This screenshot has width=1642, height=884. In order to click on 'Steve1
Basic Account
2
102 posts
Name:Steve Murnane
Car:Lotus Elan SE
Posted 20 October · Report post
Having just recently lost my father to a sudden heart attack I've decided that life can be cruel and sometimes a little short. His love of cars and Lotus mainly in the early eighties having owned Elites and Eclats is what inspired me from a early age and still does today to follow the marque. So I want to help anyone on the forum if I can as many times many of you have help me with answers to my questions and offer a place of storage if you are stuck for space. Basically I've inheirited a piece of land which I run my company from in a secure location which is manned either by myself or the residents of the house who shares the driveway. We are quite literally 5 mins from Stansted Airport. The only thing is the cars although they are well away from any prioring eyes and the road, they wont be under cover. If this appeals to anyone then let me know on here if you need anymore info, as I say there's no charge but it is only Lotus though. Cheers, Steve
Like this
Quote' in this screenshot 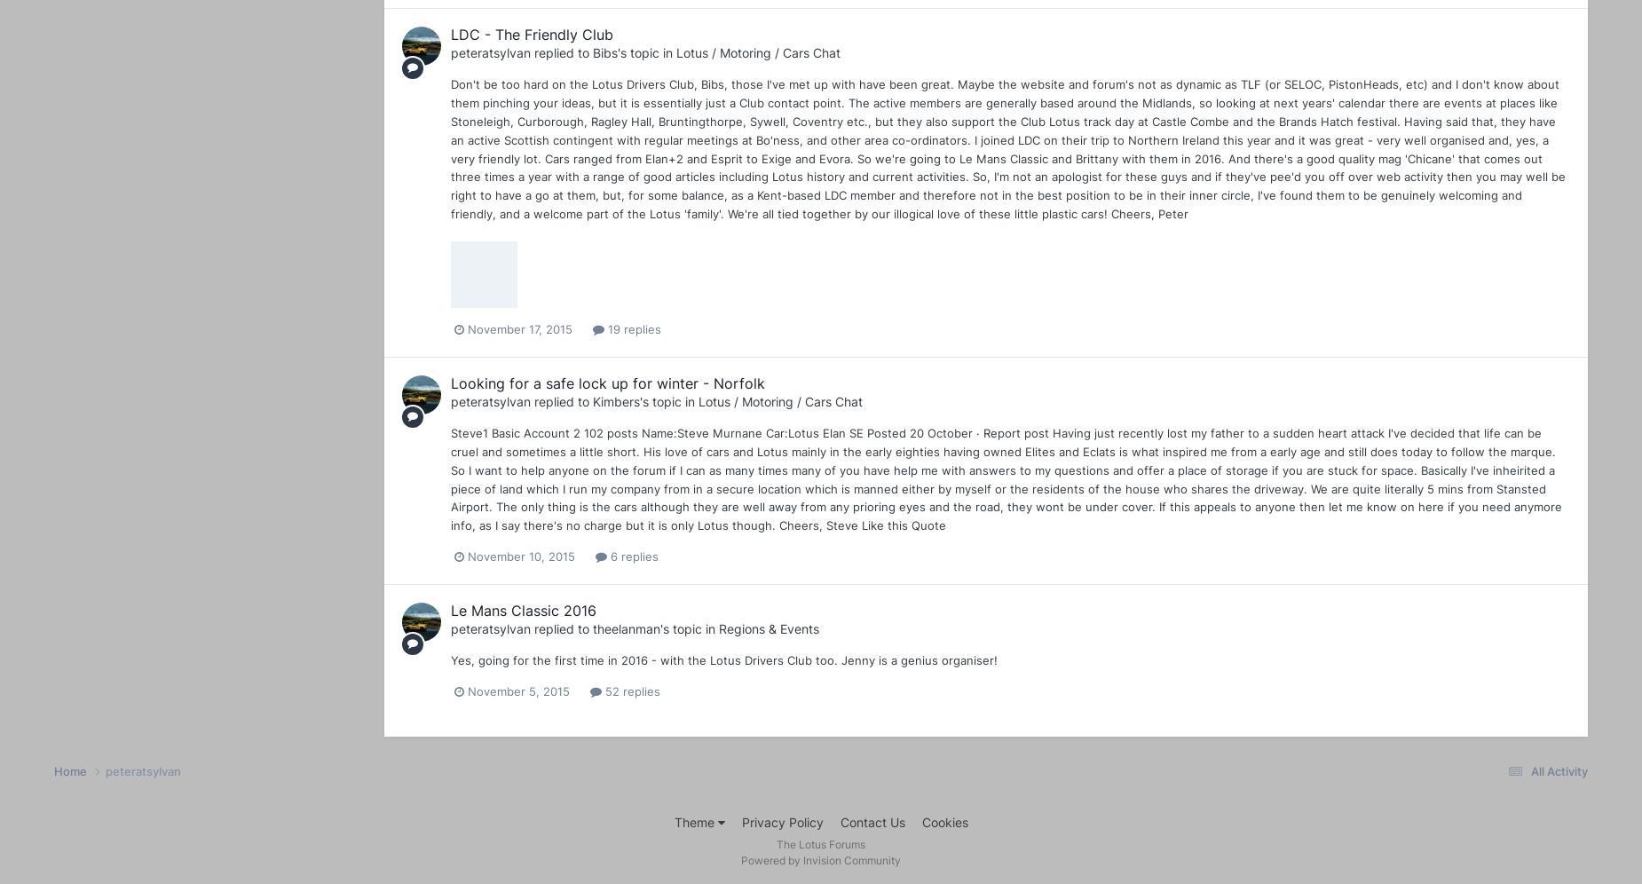, I will do `click(451, 479)`.